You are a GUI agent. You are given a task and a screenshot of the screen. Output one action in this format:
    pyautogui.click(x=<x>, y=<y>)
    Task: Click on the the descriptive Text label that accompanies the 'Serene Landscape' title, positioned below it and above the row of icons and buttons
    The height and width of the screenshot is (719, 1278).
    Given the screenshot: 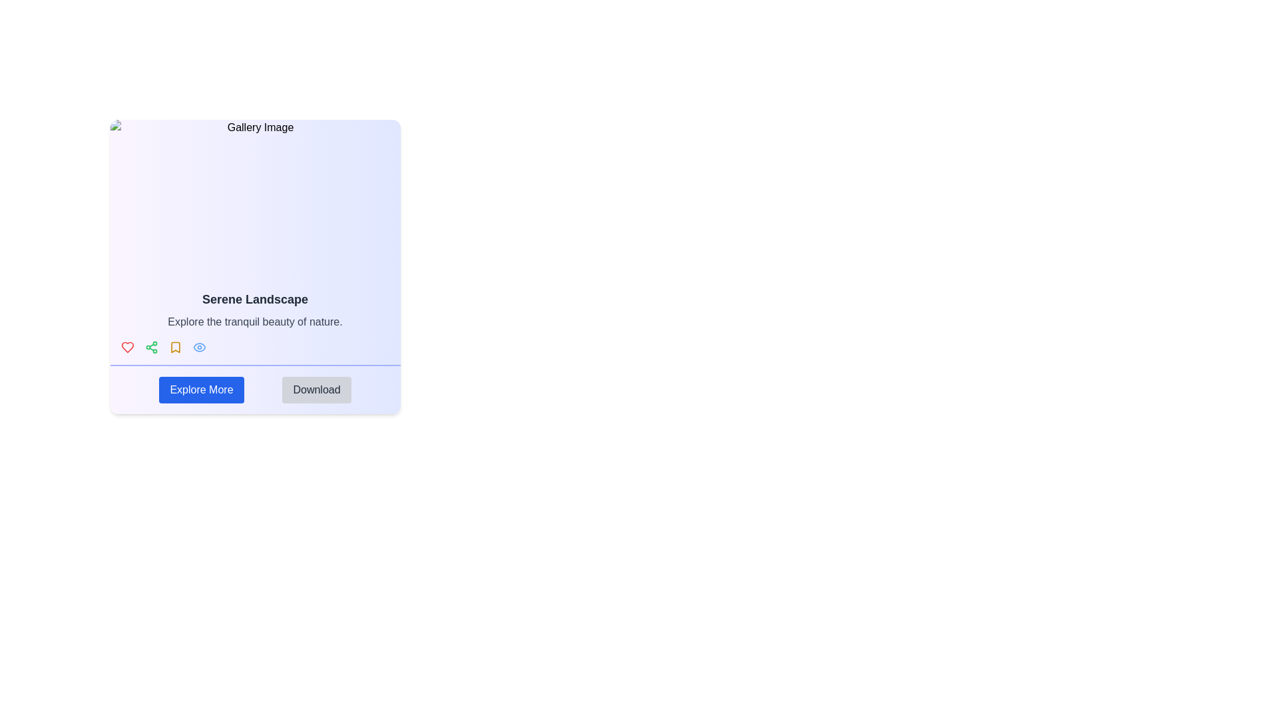 What is the action you would take?
    pyautogui.click(x=255, y=322)
    